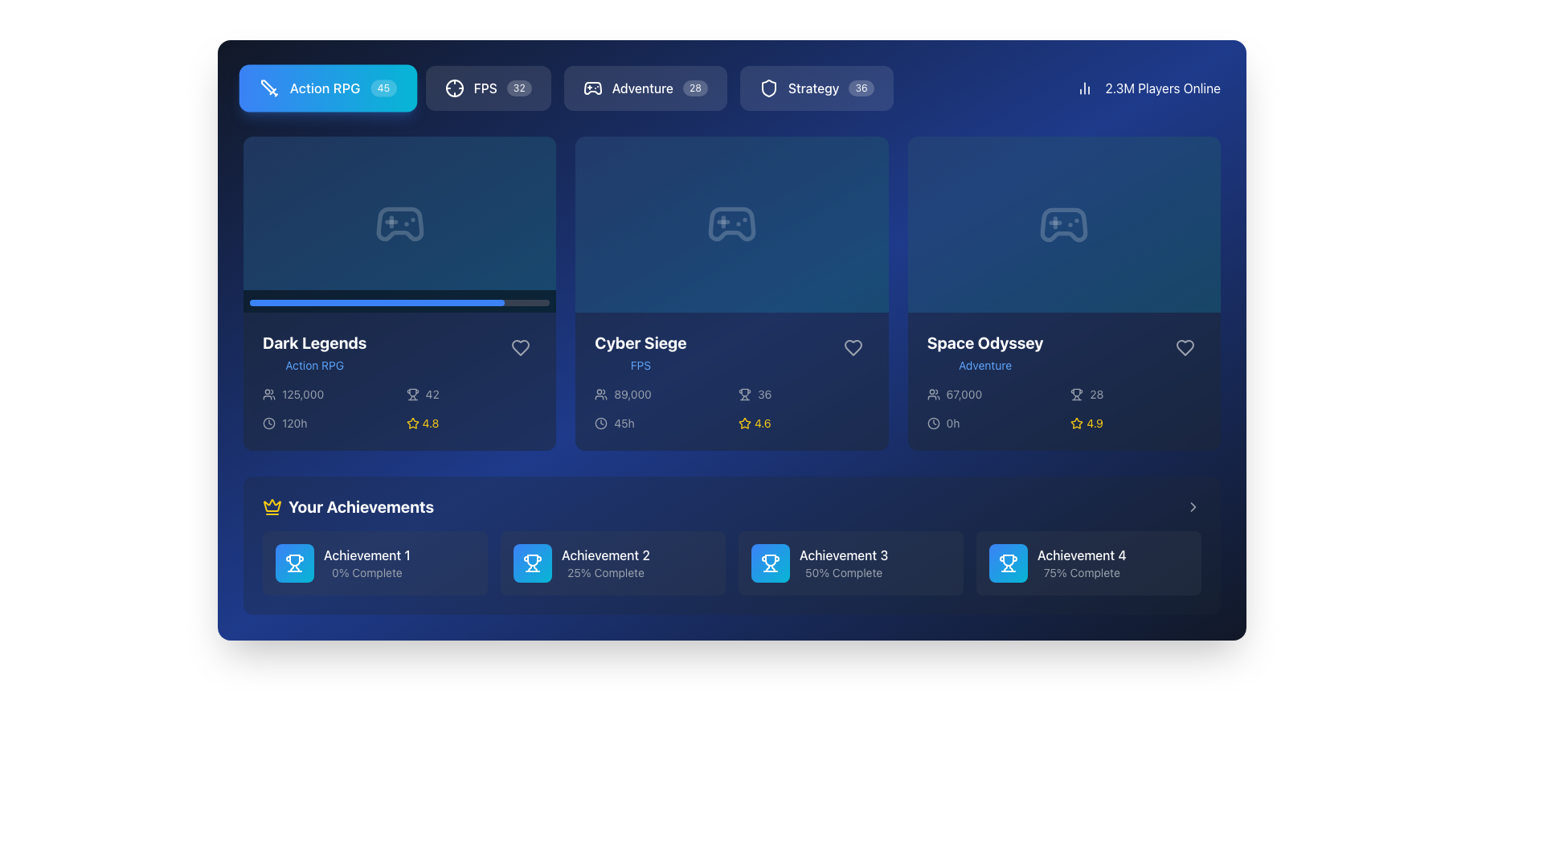 This screenshot has height=868, width=1543. Describe the element at coordinates (294, 563) in the screenshot. I see `the trophy icon located inside the 'Achievement 1' card in the 'Your Achievements' section` at that location.